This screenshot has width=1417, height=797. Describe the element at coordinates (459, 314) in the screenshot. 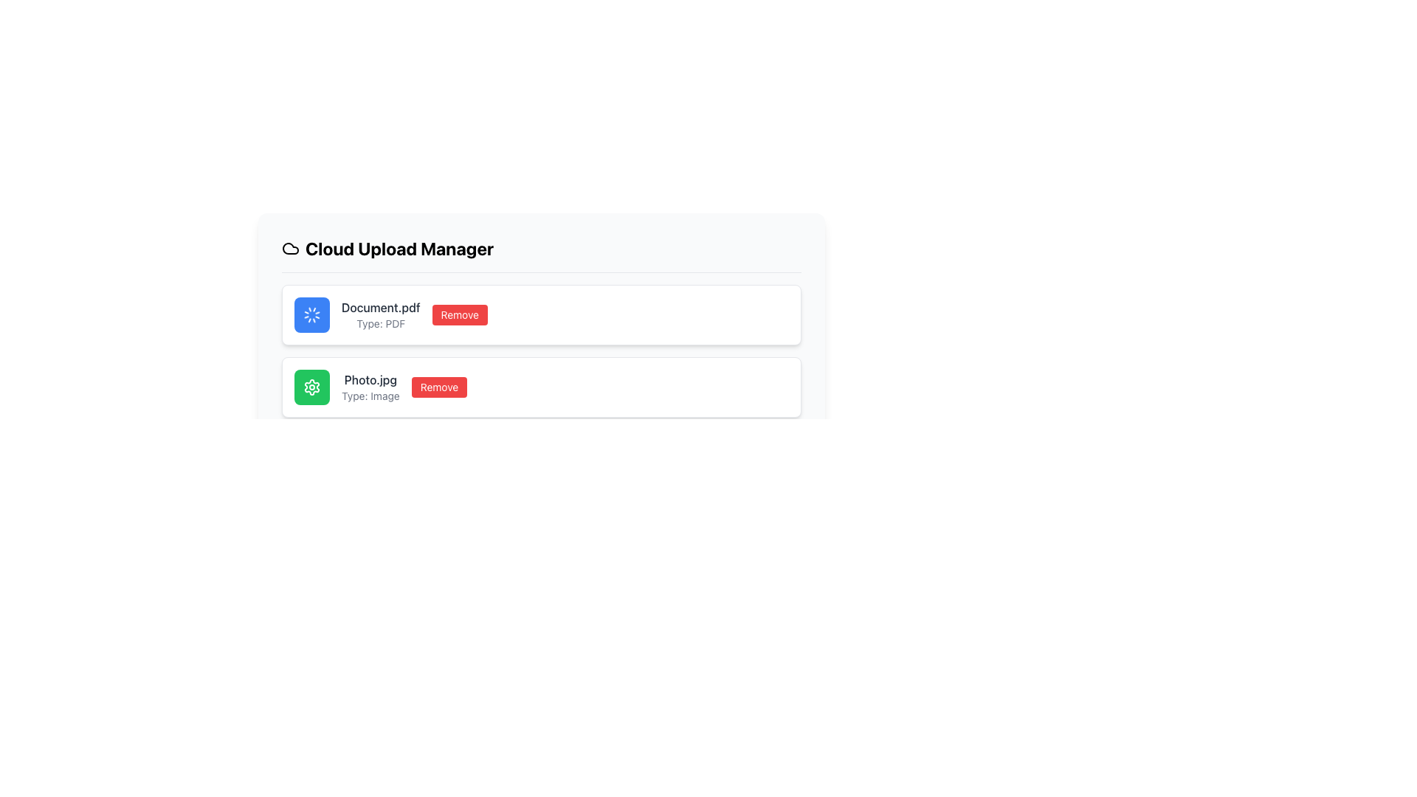

I see `the 'Remove' button with white text on a red background` at that location.